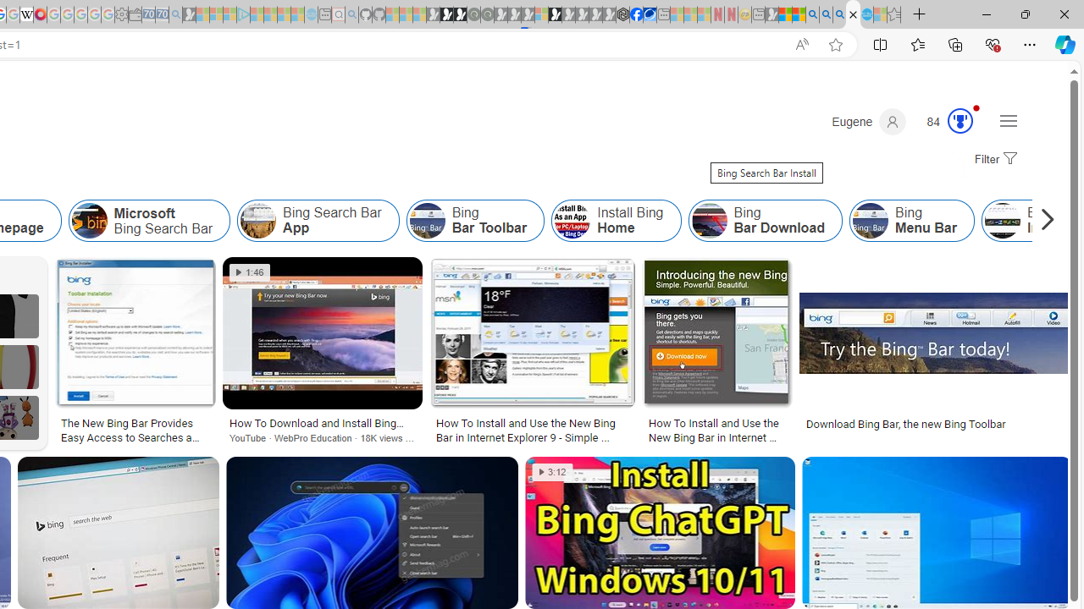 The width and height of the screenshot is (1084, 609). I want to click on 'Nordace - Cooler Bags', so click(622, 14).